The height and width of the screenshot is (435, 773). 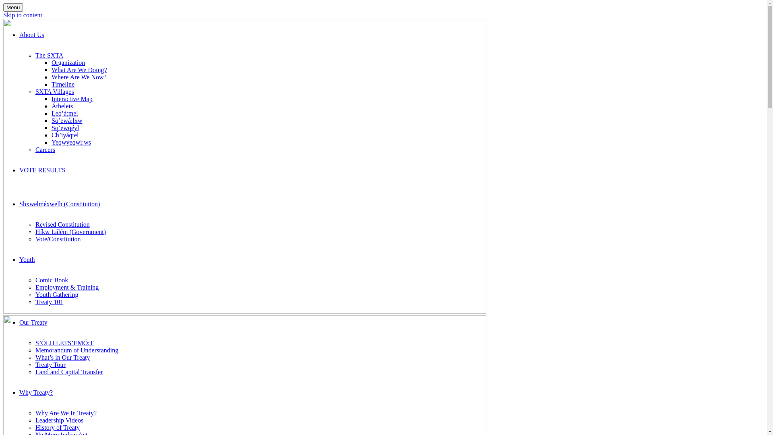 I want to click on 'Employment & Training', so click(x=35, y=287).